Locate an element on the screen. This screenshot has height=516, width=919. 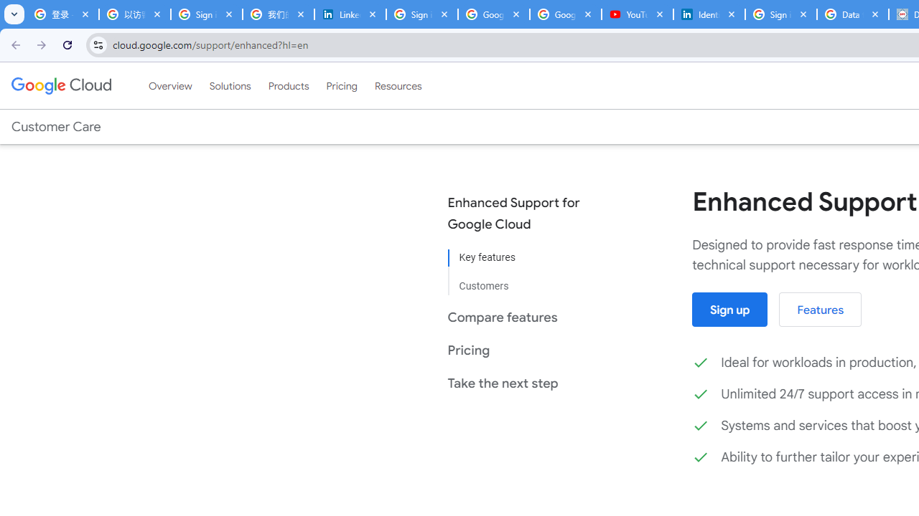
'Resources' is located at coordinates (398, 85).